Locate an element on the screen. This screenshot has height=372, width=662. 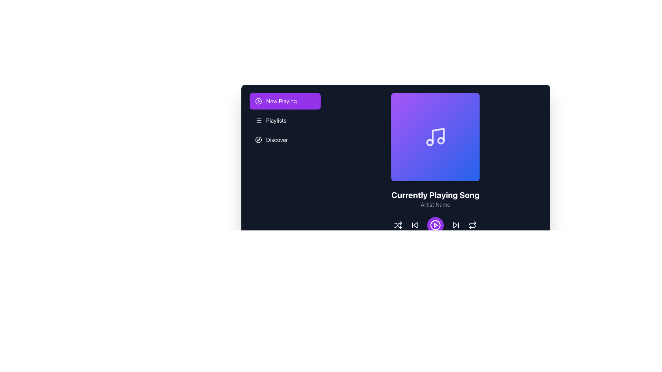
the 'Playlists' button, which is the second item in a vertical list is located at coordinates (285, 120).